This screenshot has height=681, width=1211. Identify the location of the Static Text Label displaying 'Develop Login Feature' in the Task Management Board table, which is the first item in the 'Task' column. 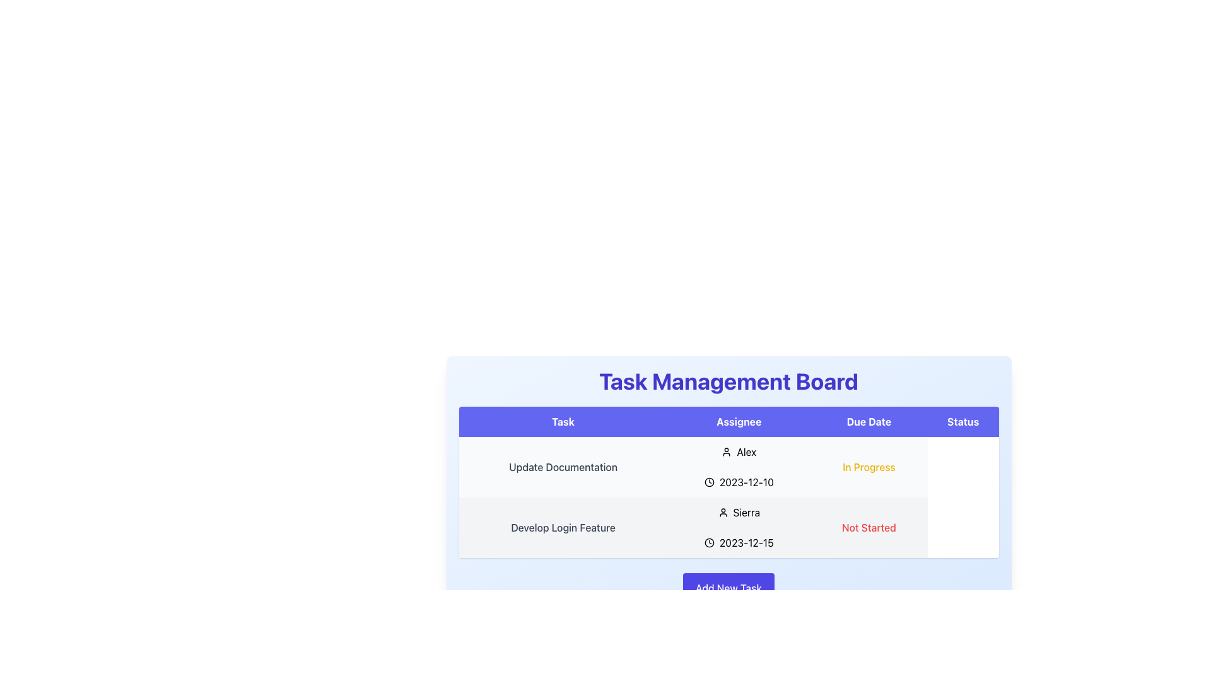
(562, 528).